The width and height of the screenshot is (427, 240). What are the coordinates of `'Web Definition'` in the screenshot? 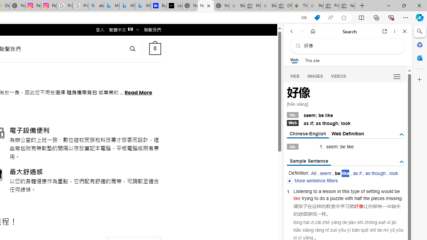 It's located at (347, 134).